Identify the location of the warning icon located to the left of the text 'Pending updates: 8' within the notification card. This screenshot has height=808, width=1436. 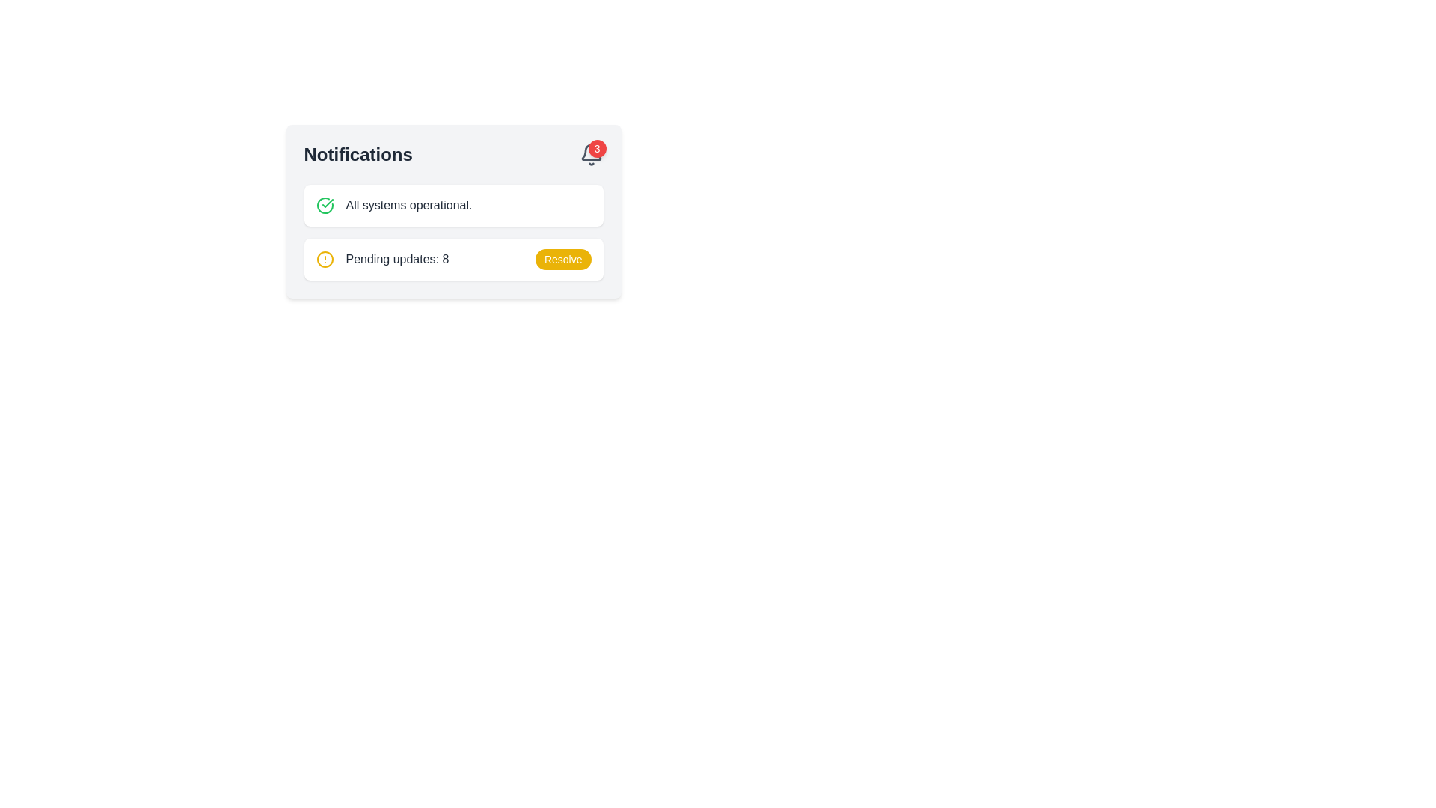
(324, 259).